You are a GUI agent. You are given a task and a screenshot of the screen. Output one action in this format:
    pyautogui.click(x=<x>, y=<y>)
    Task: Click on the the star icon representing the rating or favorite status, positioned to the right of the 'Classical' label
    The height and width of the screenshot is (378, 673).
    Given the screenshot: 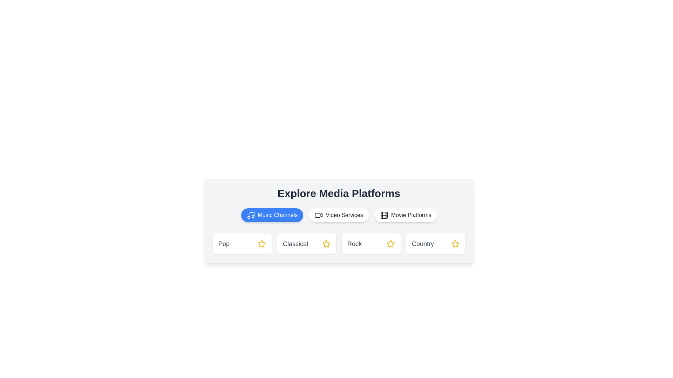 What is the action you would take?
    pyautogui.click(x=326, y=244)
    